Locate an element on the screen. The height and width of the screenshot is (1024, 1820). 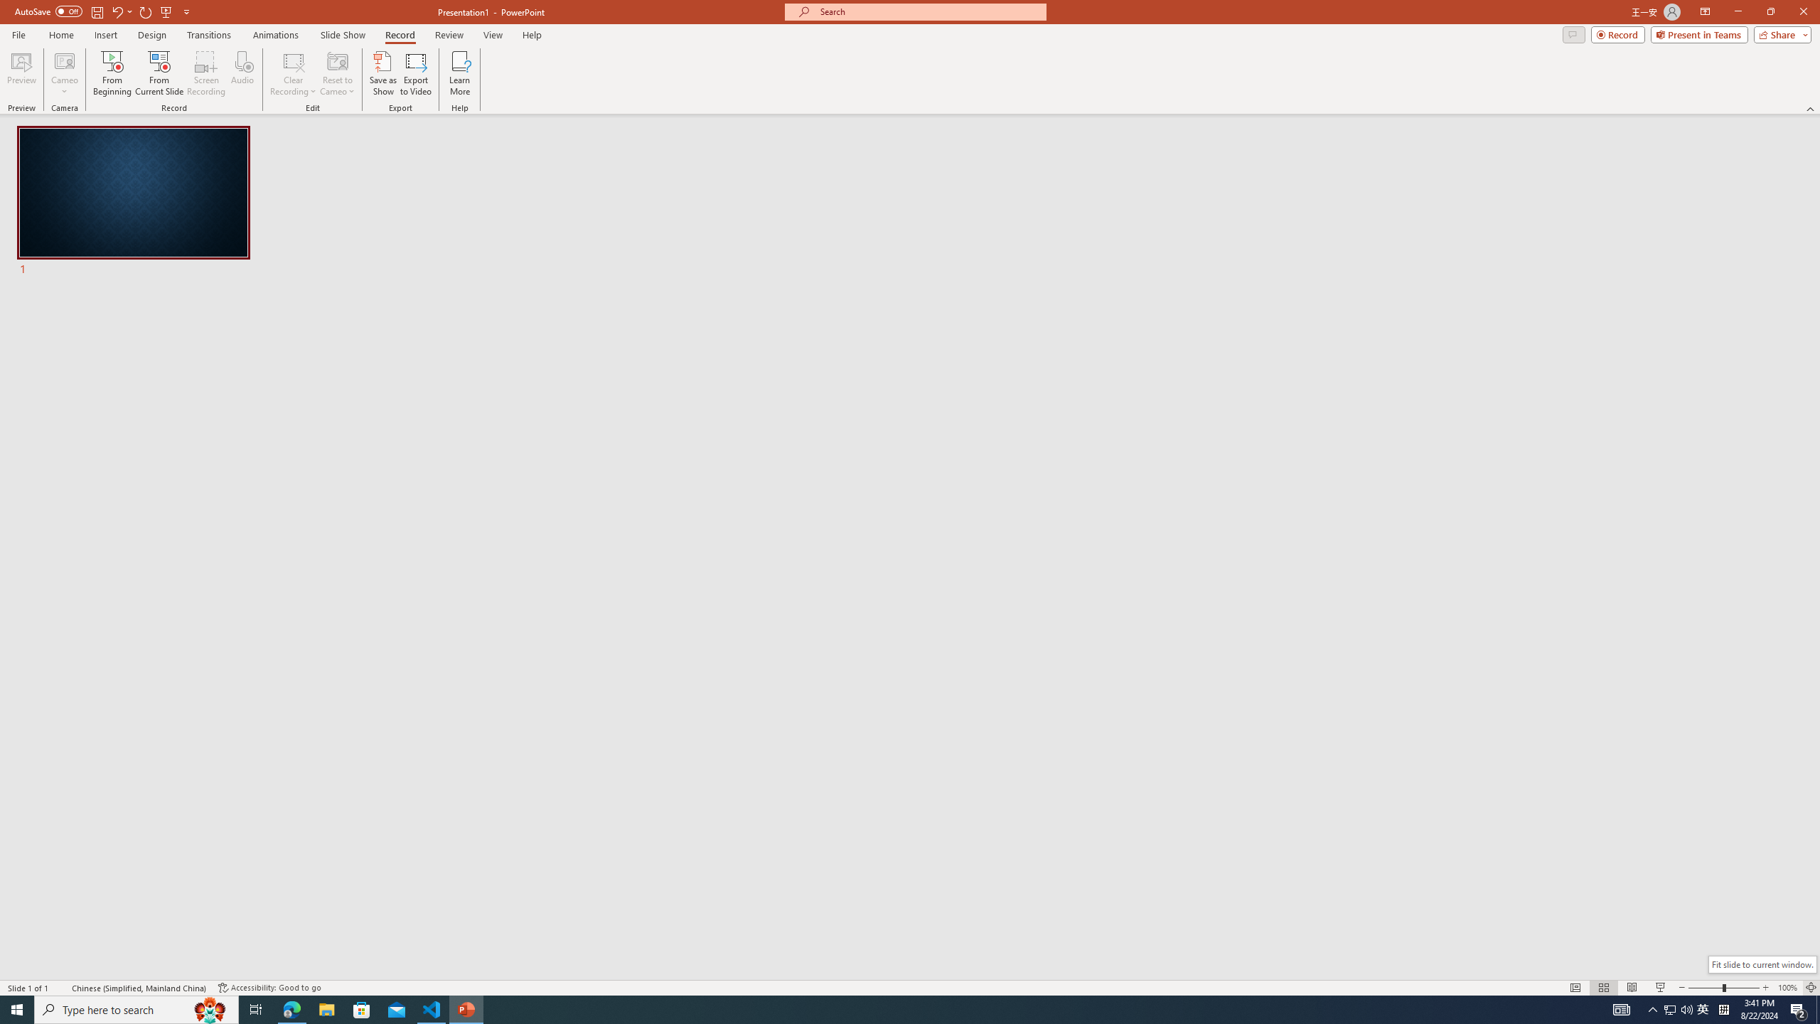
'Reset to Cameo' is located at coordinates (336, 73).